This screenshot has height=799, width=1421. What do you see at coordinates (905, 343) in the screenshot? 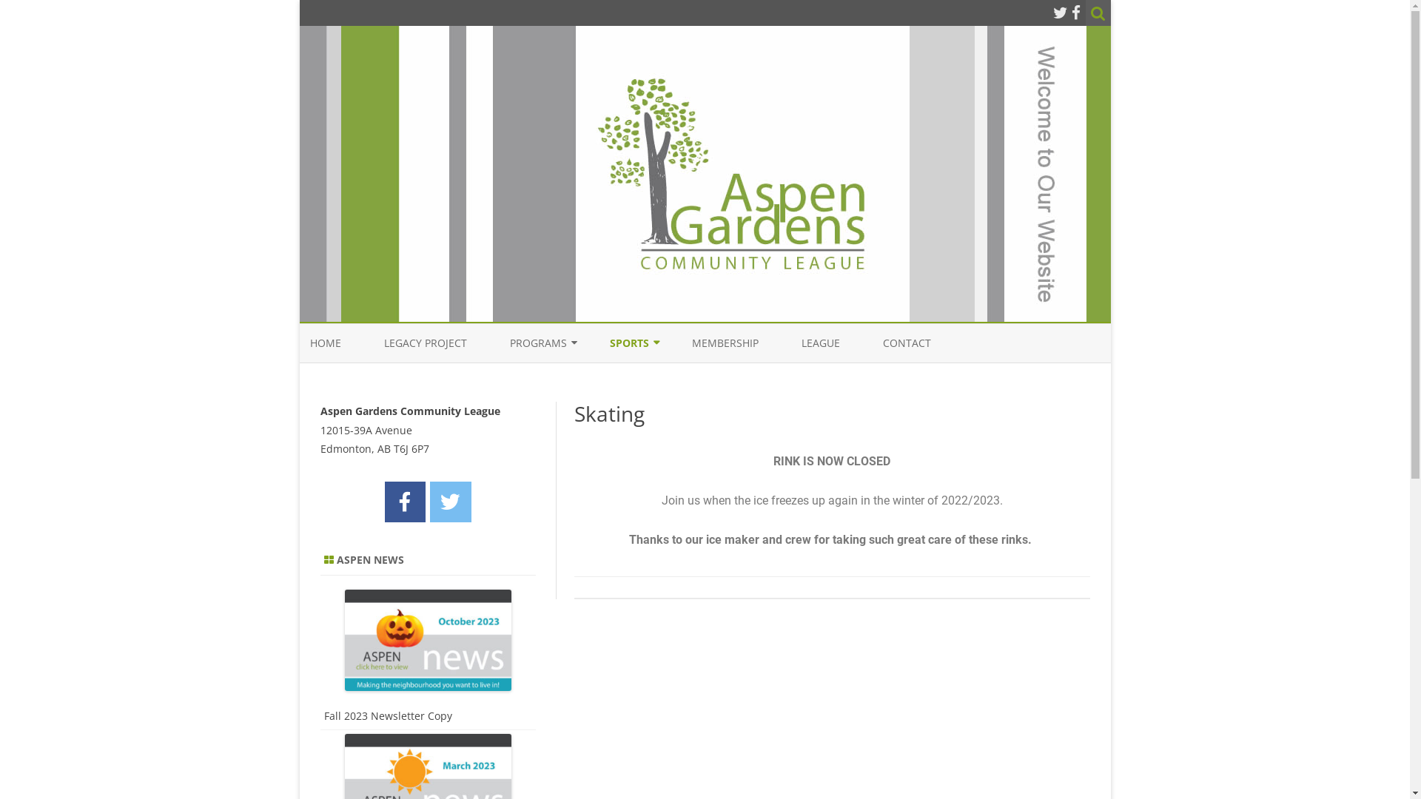
I see `'CONTACT'` at bounding box center [905, 343].